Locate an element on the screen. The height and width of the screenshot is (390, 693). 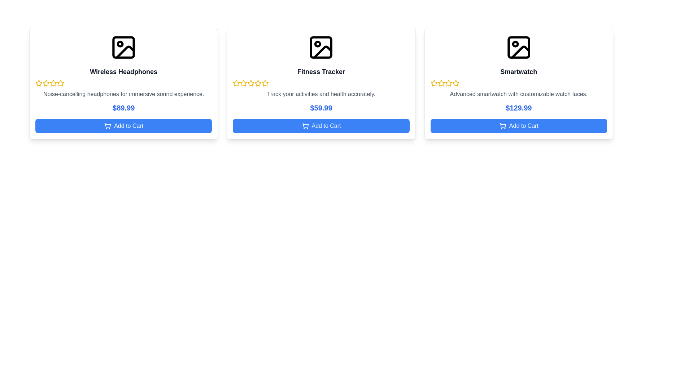
the rating displayed by the star-based rating component located below the 'Wireless Headphones' title and above the product description is located at coordinates (123, 83).